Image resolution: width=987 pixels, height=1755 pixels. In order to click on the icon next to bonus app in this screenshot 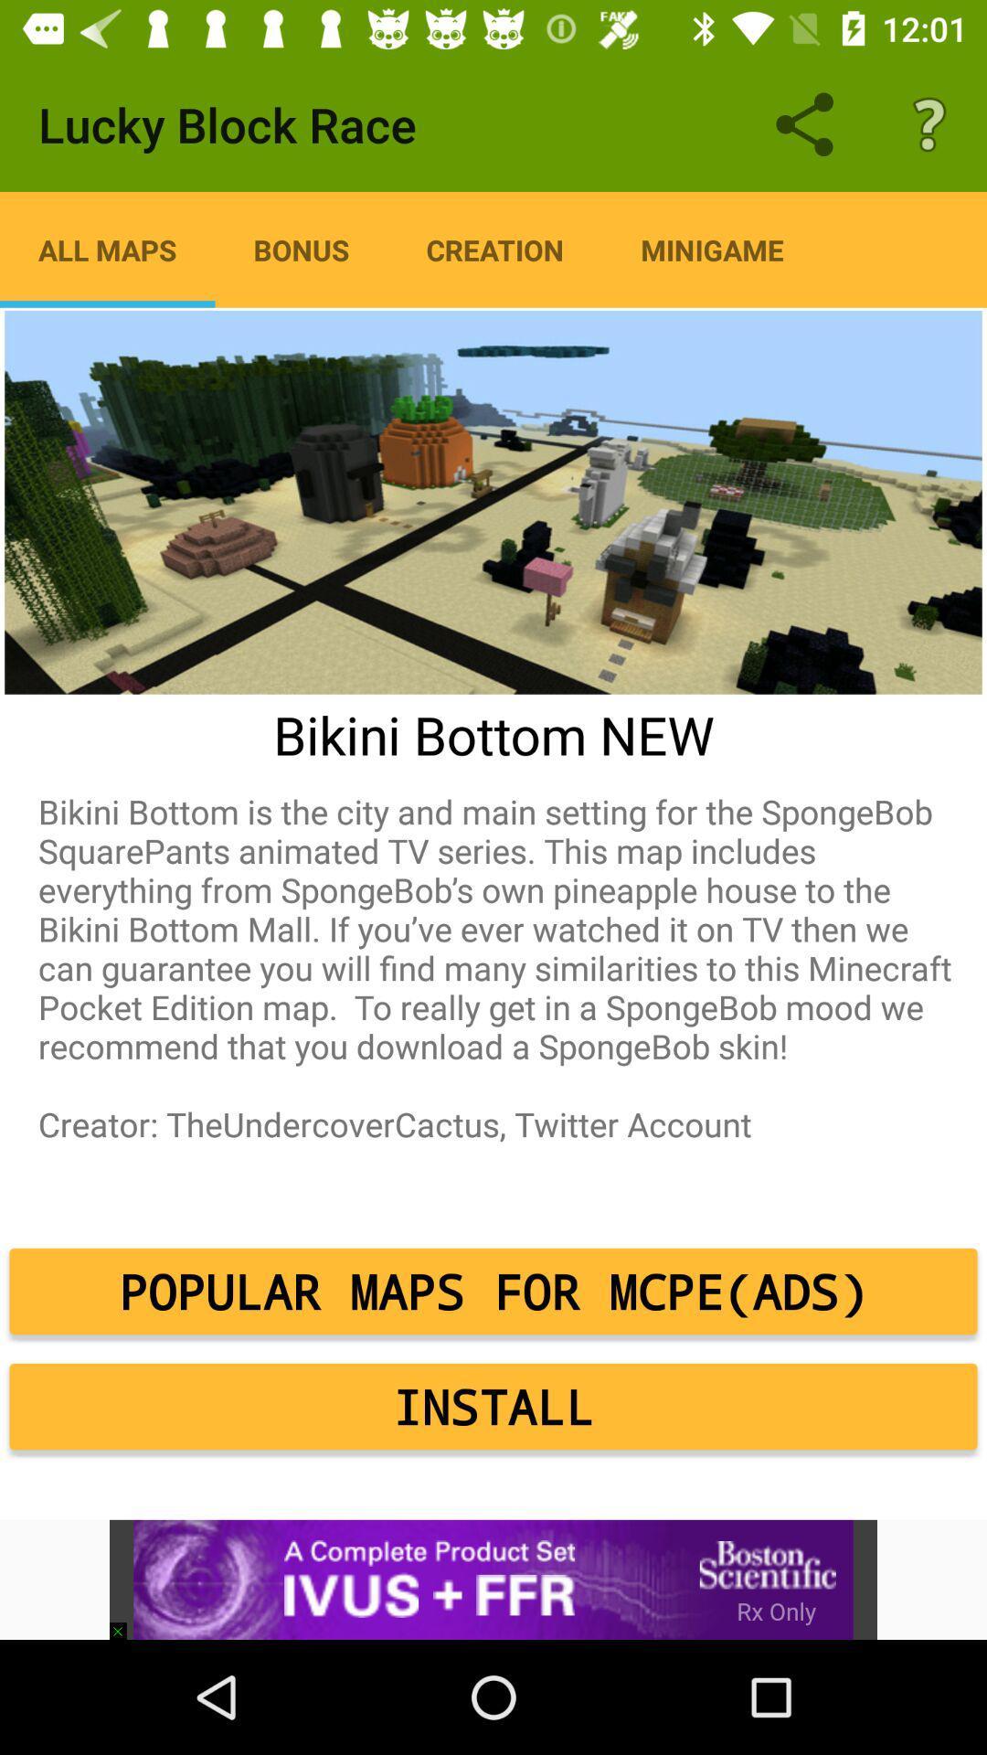, I will do `click(107, 249)`.